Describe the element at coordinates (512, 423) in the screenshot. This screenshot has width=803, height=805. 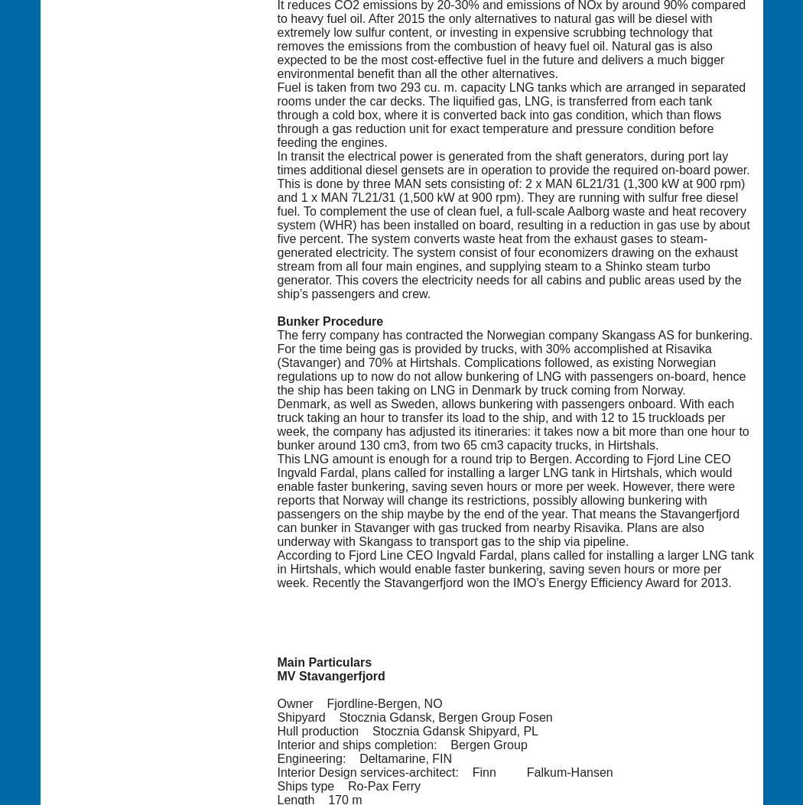
I see `'Denmark, as well as Sweden, allows bunkering with passengers onboard. With each truck taking an hour to transfer its load to the ship, and with 12 to 15 truckloads per week, the company has adjusted its itineraries: it takes now a bit more than one hour to bunker around 130 cm3, from two 65 cm3 capacity trucks, in Hirtshals.'` at that location.